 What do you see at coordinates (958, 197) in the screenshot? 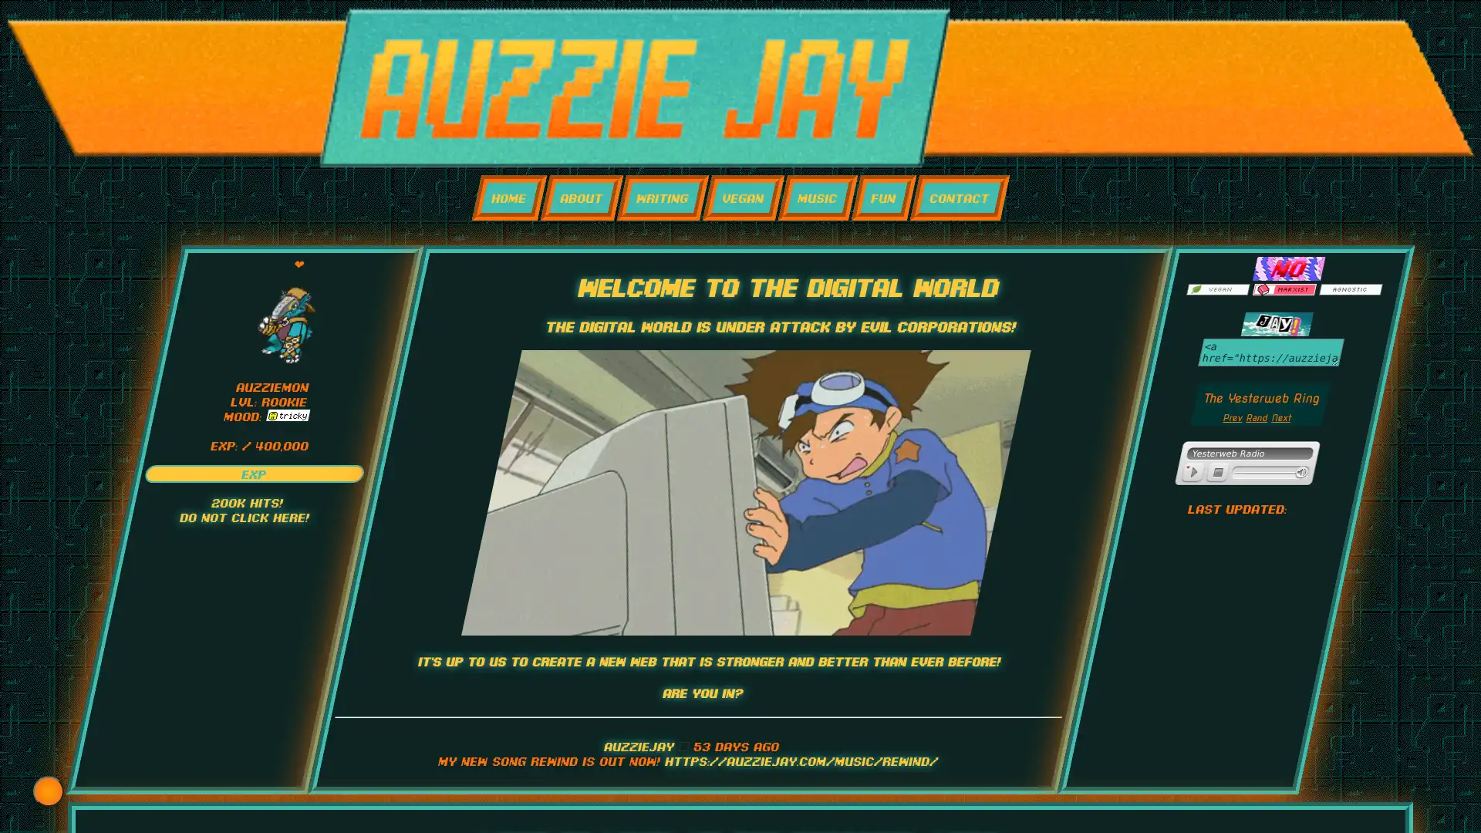
I see `CONTACT` at bounding box center [958, 197].